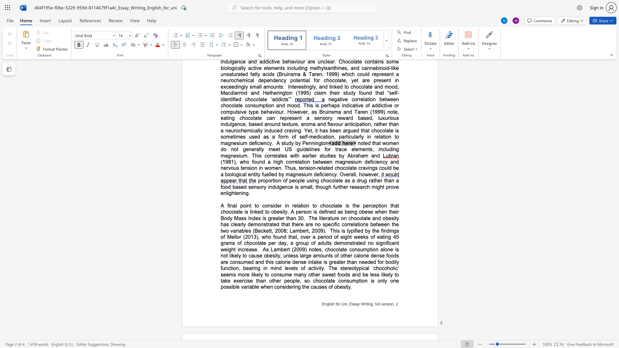  I want to click on the subset text "mo" within the text "demonstrated", so click(253, 224).